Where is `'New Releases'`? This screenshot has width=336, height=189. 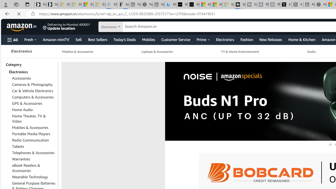 'New Releases' is located at coordinates (270, 39).